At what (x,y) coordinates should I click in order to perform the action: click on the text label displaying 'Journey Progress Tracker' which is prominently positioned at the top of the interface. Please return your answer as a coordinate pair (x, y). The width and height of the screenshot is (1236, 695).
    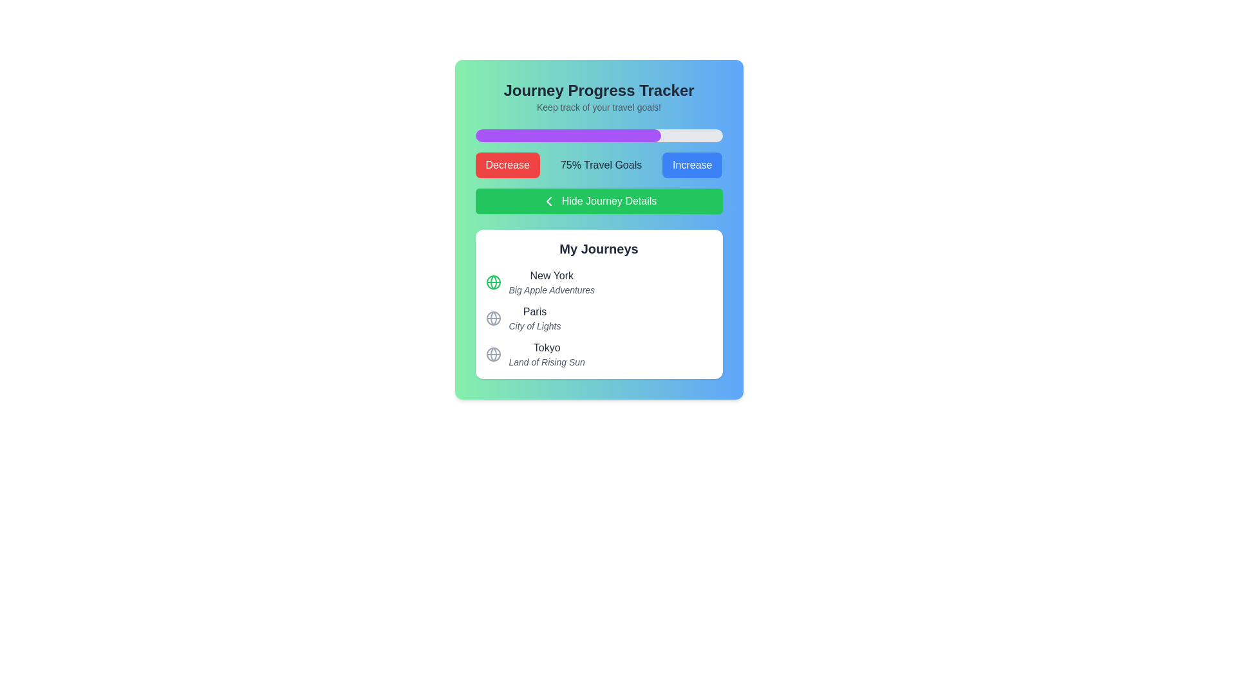
    Looking at the image, I should click on (598, 90).